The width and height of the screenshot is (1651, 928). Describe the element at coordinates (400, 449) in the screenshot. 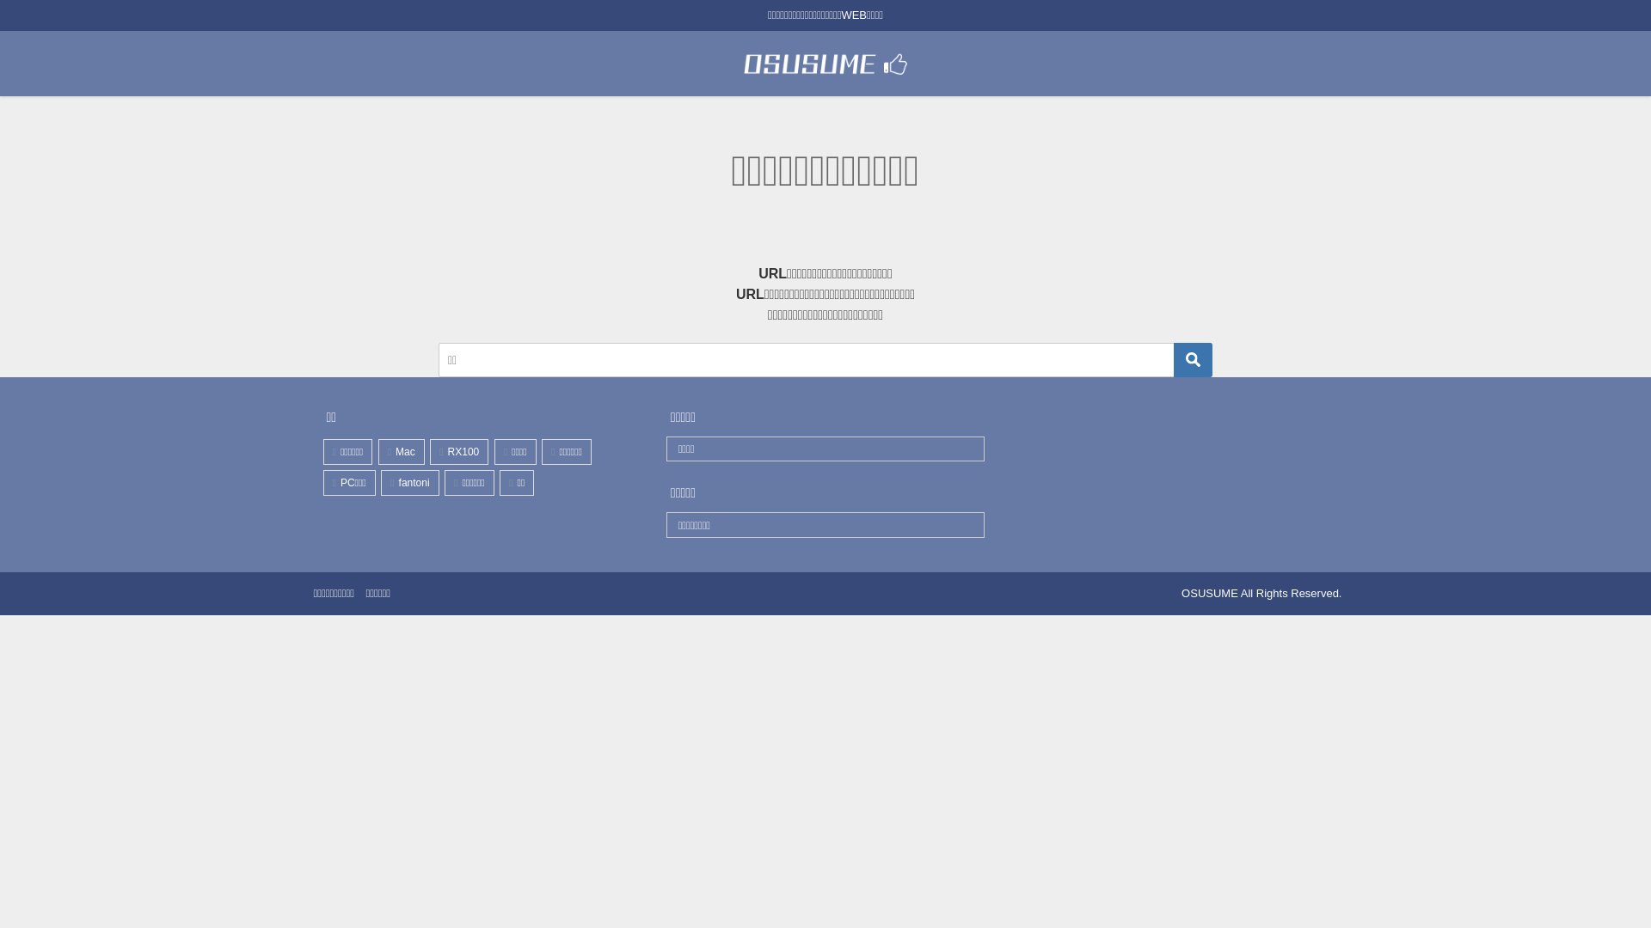

I see `'Mac'` at that location.